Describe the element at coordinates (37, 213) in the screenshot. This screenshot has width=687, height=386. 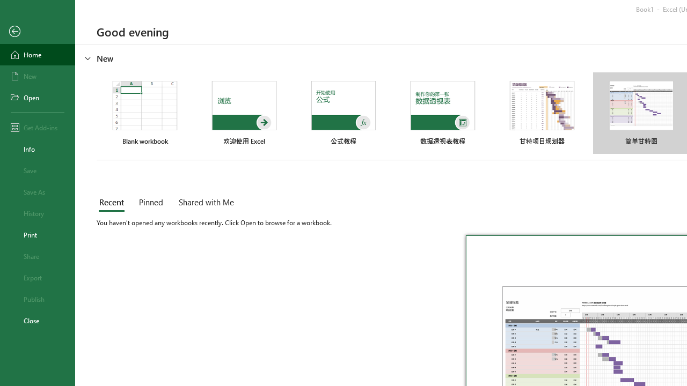
I see `'History'` at that location.